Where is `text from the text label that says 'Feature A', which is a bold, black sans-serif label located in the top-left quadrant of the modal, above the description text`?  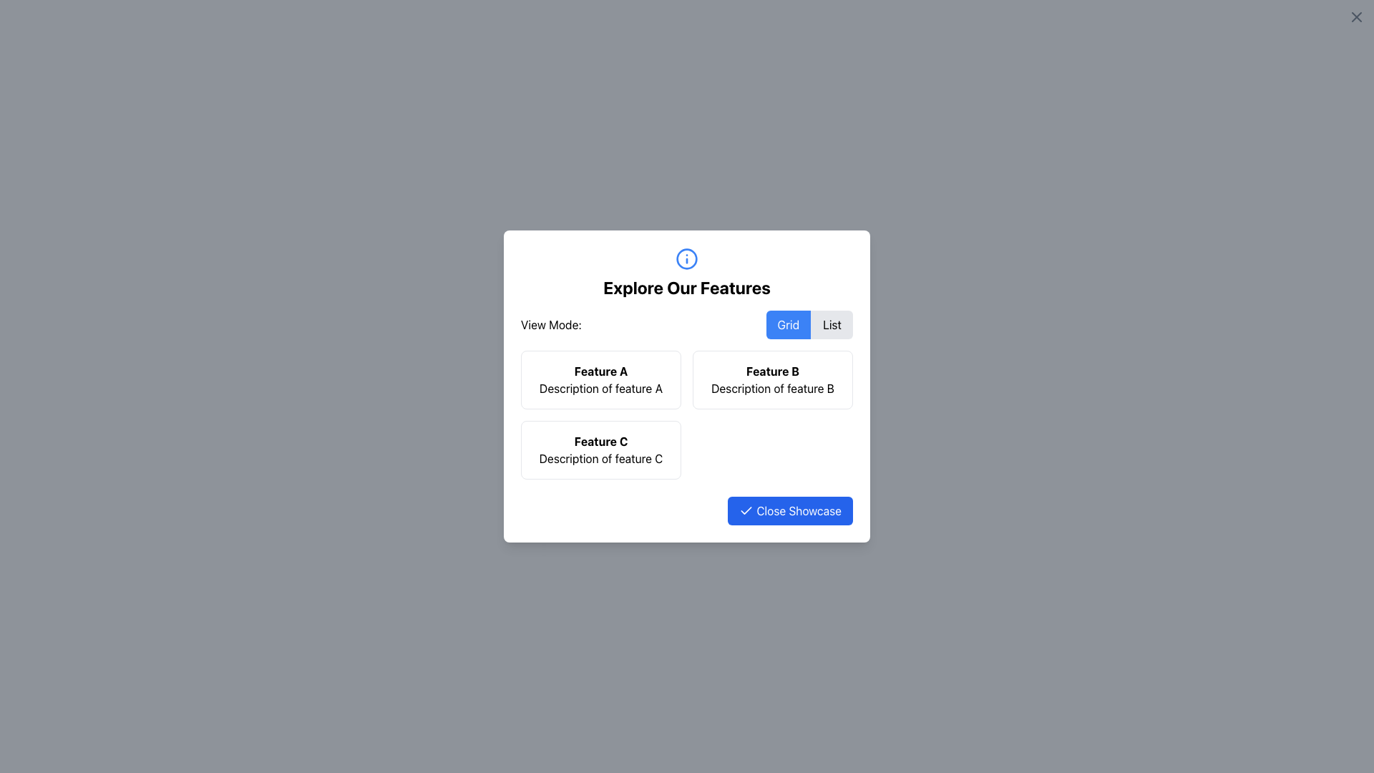 text from the text label that says 'Feature A', which is a bold, black sans-serif label located in the top-left quadrant of the modal, above the description text is located at coordinates (601, 371).